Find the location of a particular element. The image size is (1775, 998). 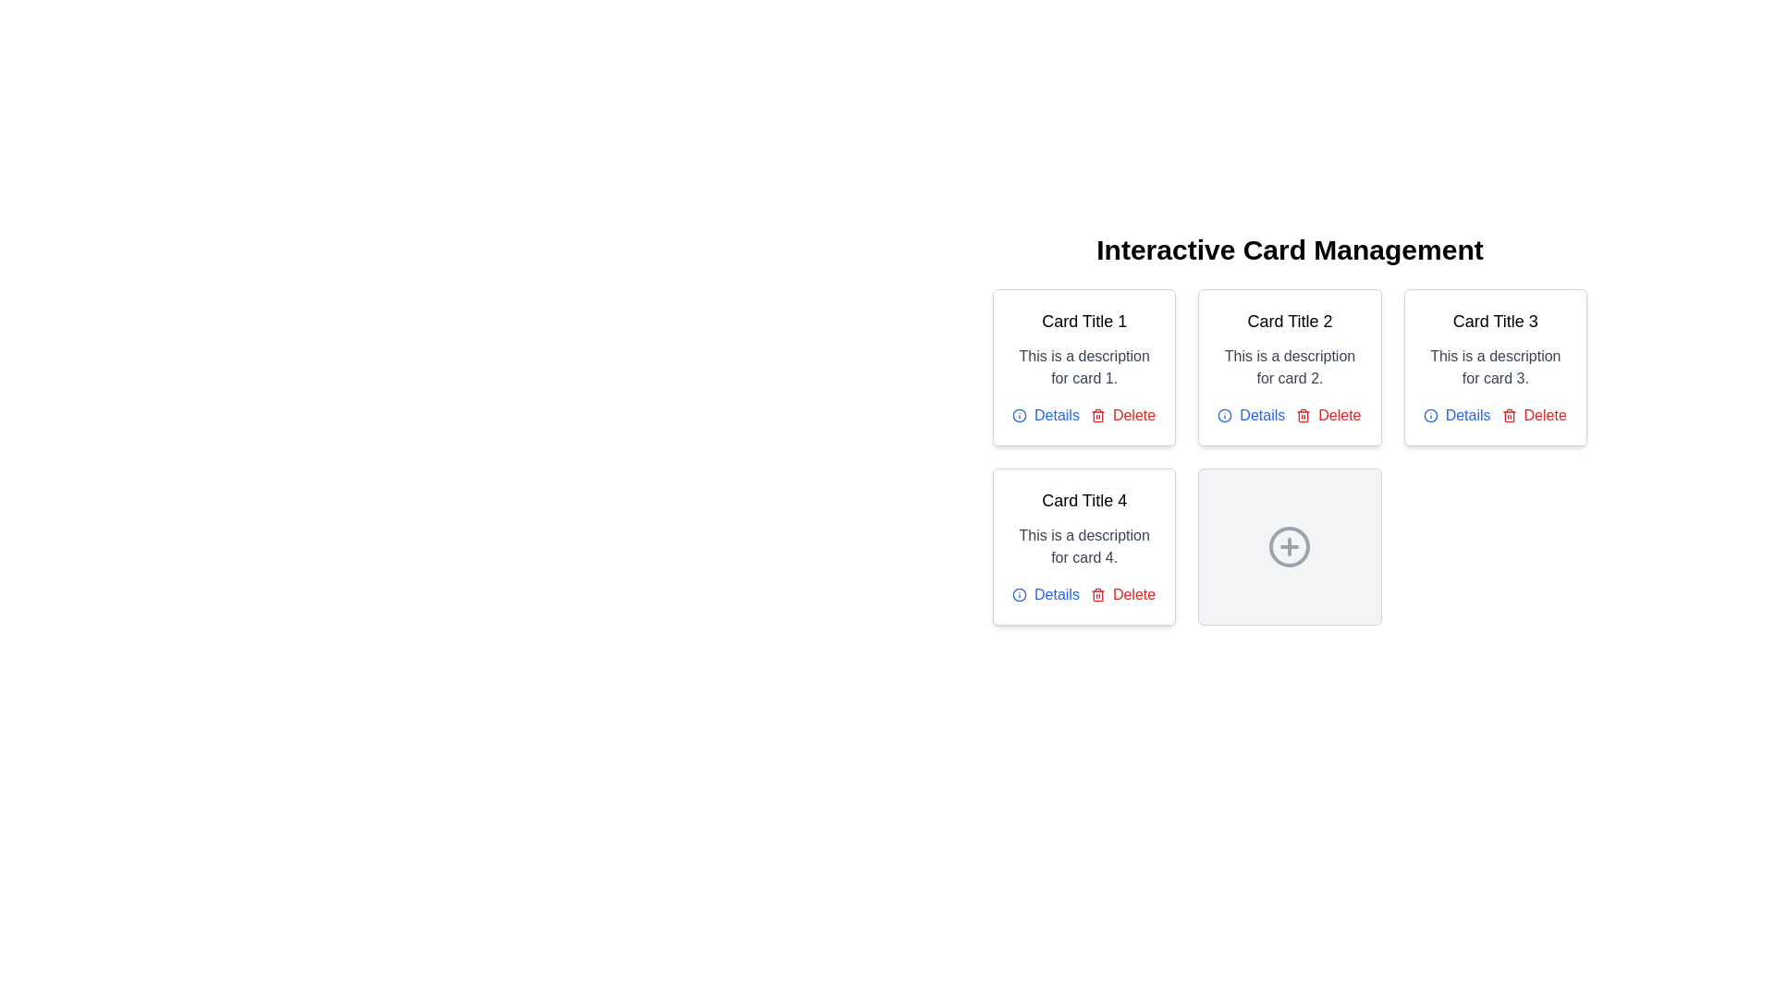

the red 'Delete' button located beside the trash can icon within the card titled 'Card Title 4' is located at coordinates (1121, 595).